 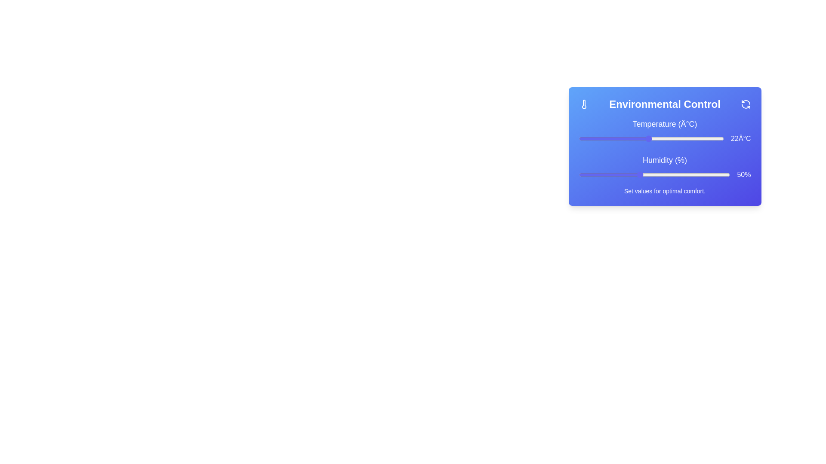 I want to click on the temperature slider to set the temperature to 22°C, so click(x=648, y=138).